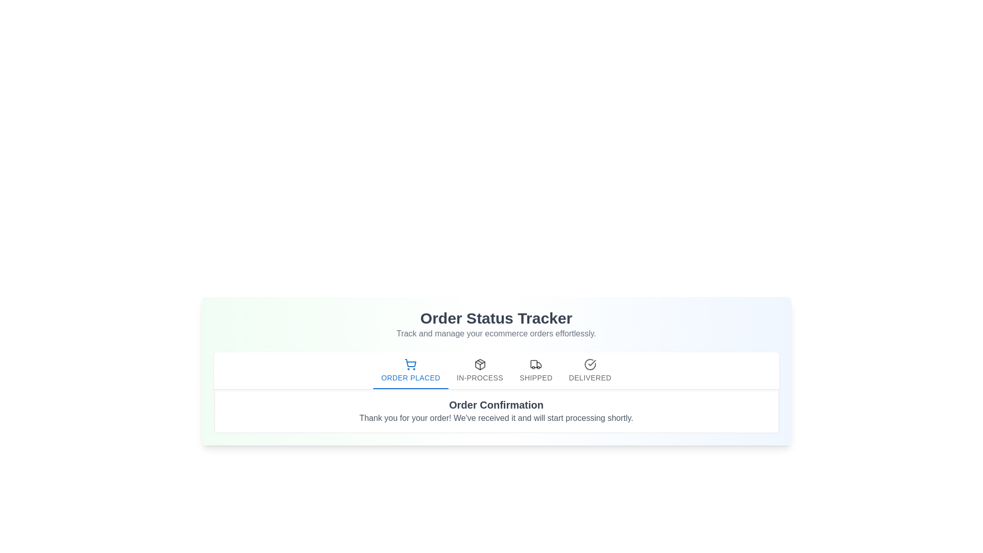 The width and height of the screenshot is (983, 553). Describe the element at coordinates (536, 364) in the screenshot. I see `the vehicle icon located in the 'Shipped' tab of the order tracking interface, which is the third tab in a sequence of four tabs` at that location.